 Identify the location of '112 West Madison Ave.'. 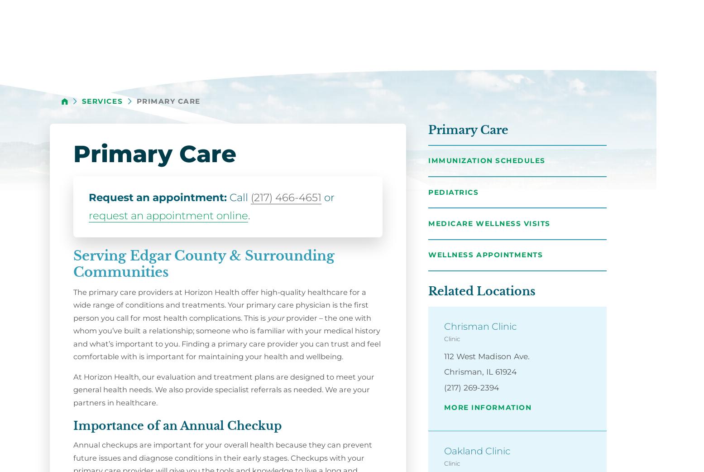
(486, 356).